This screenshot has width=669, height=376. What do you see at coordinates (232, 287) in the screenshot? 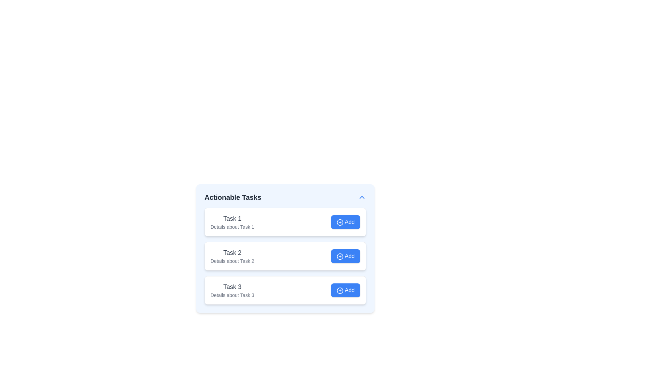
I see `text content of the text label displaying 'Task 3' located at the bottom of the actionable tasks section, within a visually distinct card` at bounding box center [232, 287].